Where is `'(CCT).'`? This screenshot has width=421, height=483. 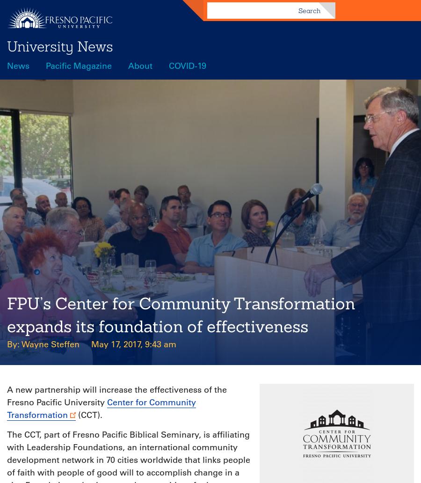 '(CCT).' is located at coordinates (76, 415).